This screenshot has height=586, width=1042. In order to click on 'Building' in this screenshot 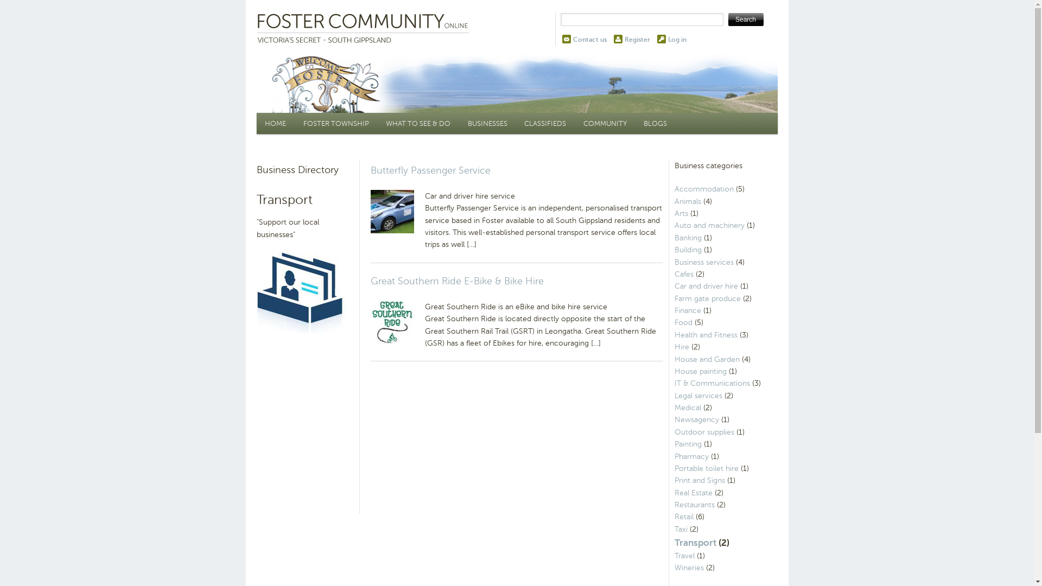, I will do `click(674, 250)`.